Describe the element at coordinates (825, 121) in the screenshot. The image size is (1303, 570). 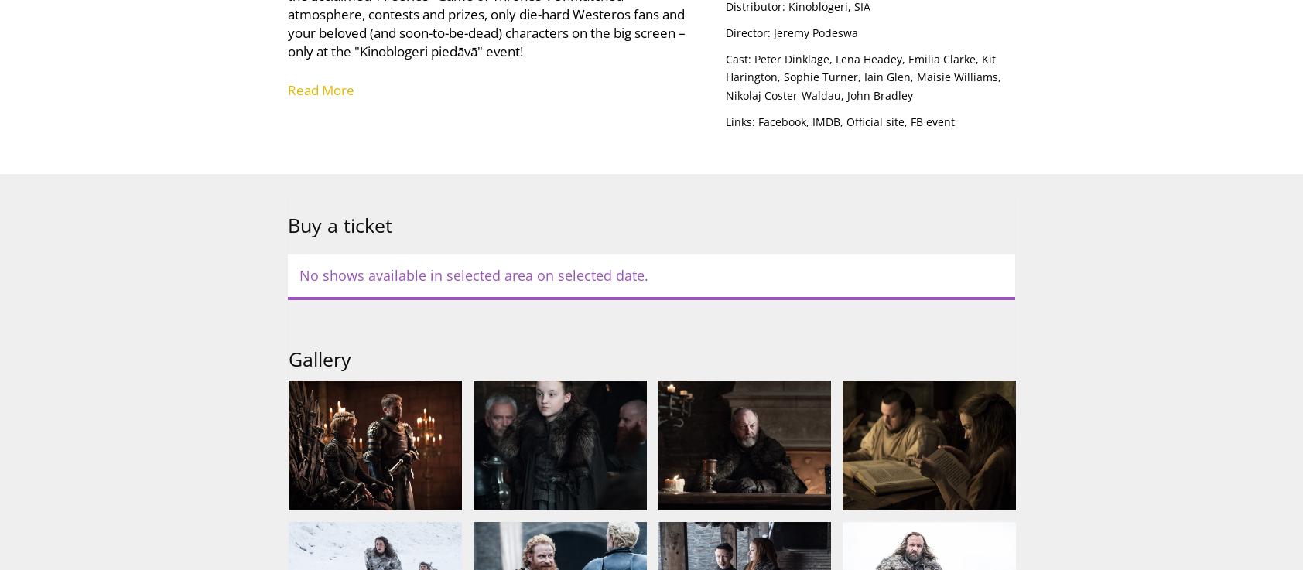
I see `'IMDB'` at that location.